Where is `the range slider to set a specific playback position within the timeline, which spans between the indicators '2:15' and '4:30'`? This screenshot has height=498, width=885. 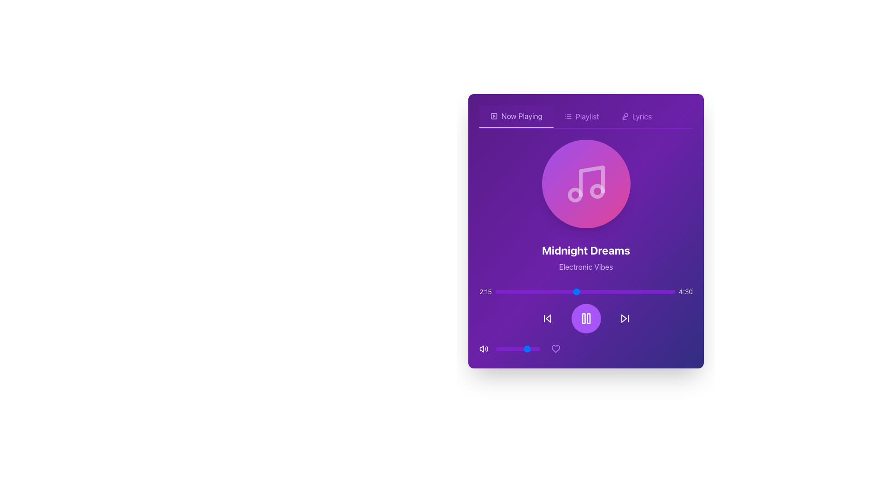
the range slider to set a specific playback position within the timeline, which spans between the indicators '2:15' and '4:30' is located at coordinates (585, 291).